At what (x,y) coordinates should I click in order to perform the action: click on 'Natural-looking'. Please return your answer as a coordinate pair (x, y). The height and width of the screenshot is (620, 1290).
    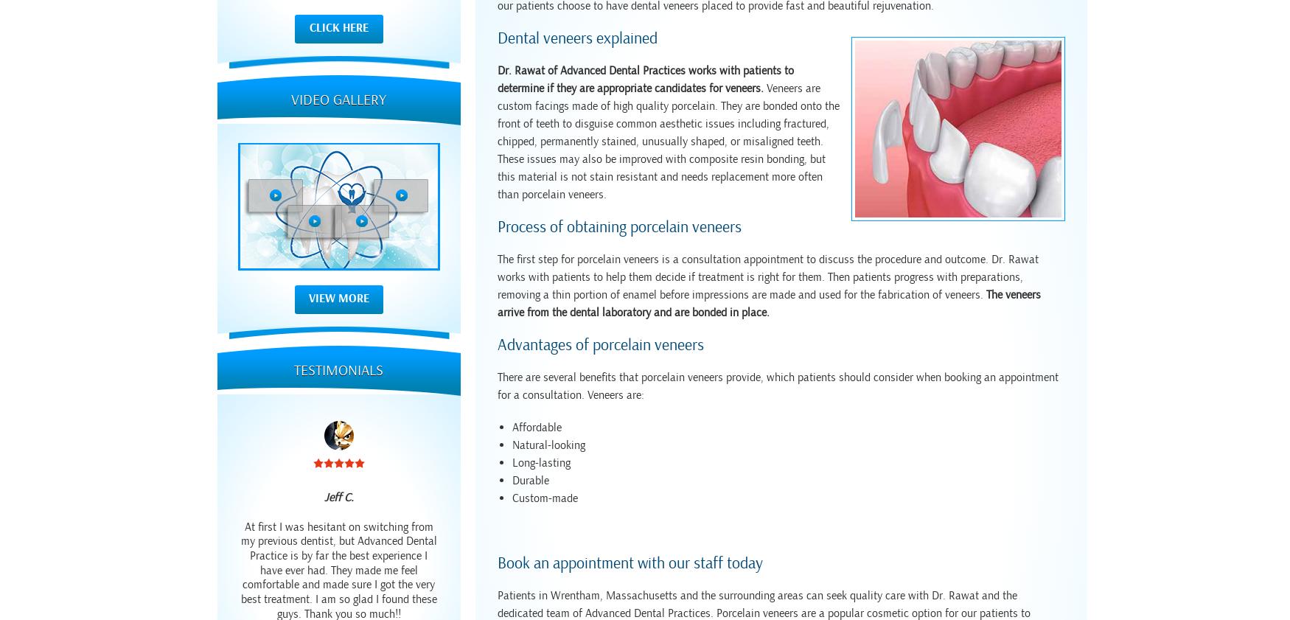
    Looking at the image, I should click on (548, 445).